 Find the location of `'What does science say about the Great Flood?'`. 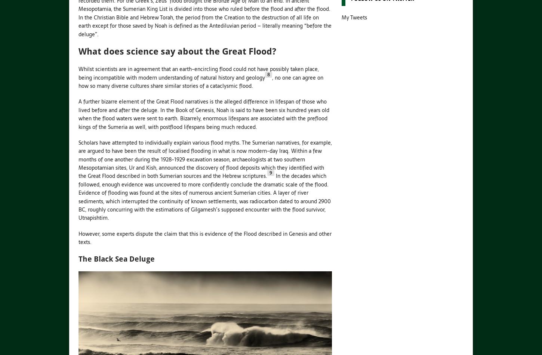

'What does science say about the Great Flood?' is located at coordinates (177, 51).